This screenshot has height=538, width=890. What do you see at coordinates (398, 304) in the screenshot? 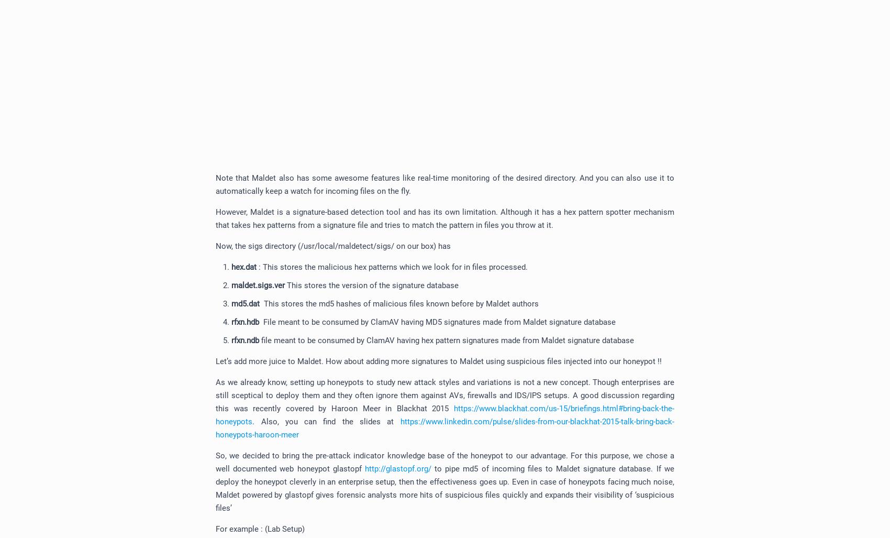
I see `'This stores the md5 hashes of malicious files known before by Maldet authors'` at bounding box center [398, 304].